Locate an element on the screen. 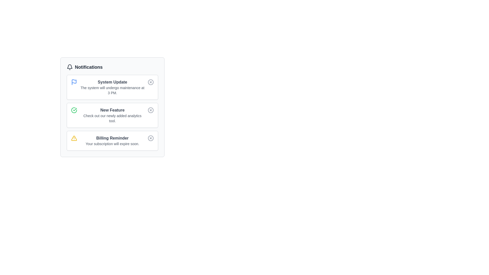 Image resolution: width=489 pixels, height=275 pixels. the textual notification component that informs the user about the impending expiration of their subscription, located below the 'New Feature' notification card as the third notification in the list is located at coordinates (112, 141).